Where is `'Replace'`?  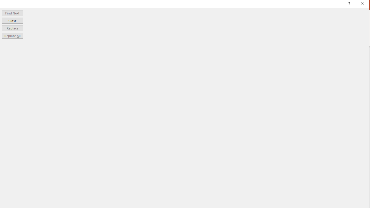
'Replace' is located at coordinates (12, 28).